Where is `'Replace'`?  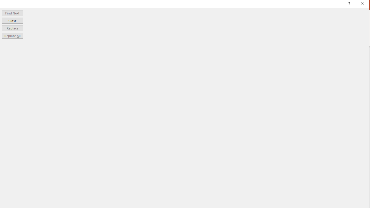
'Replace' is located at coordinates (12, 28).